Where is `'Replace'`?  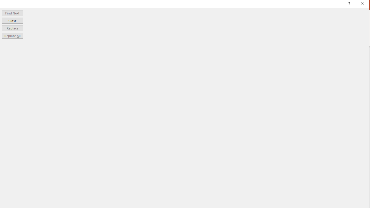
'Replace' is located at coordinates (12, 28).